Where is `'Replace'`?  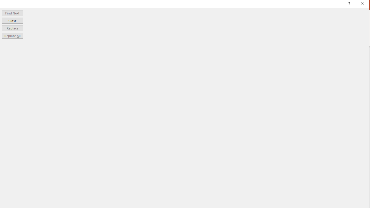
'Replace' is located at coordinates (12, 28).